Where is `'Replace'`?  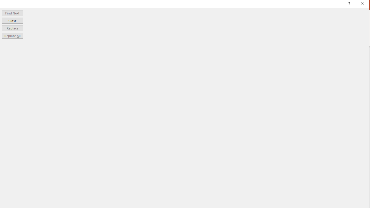
'Replace' is located at coordinates (12, 28).